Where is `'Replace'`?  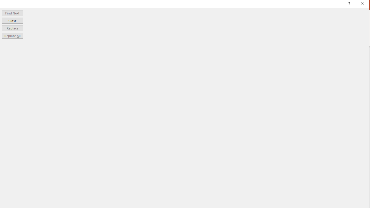
'Replace' is located at coordinates (12, 28).